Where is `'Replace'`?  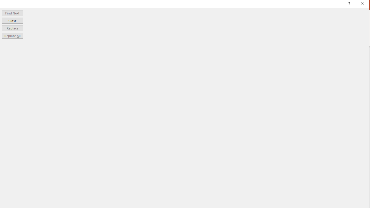
'Replace' is located at coordinates (12, 28).